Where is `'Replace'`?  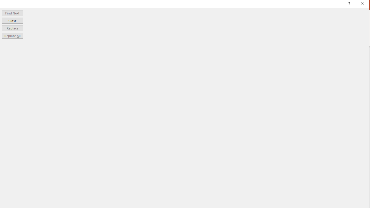
'Replace' is located at coordinates (12, 28).